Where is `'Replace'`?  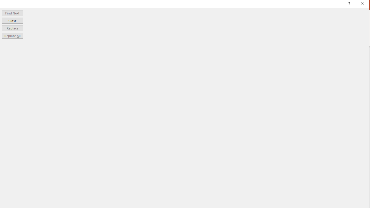
'Replace' is located at coordinates (12, 28).